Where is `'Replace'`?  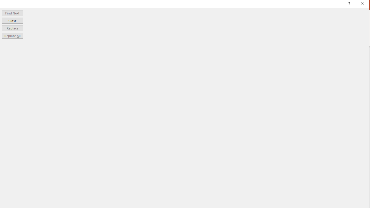
'Replace' is located at coordinates (12, 28).